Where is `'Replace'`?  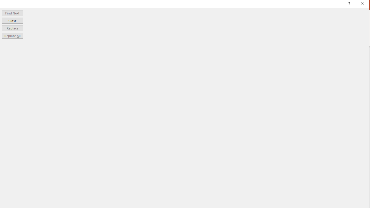
'Replace' is located at coordinates (12, 28).